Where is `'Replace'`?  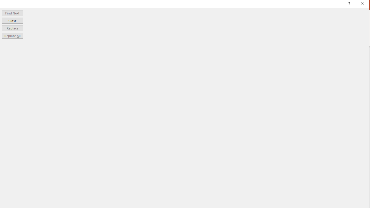
'Replace' is located at coordinates (12, 28).